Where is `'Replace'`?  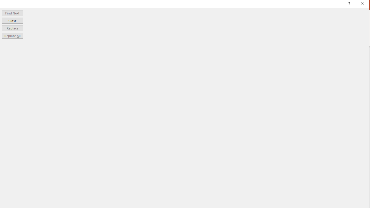
'Replace' is located at coordinates (12, 28).